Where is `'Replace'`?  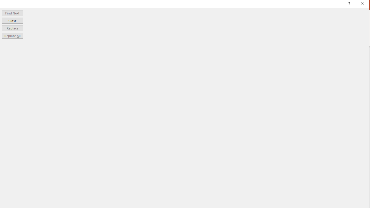
'Replace' is located at coordinates (12, 28).